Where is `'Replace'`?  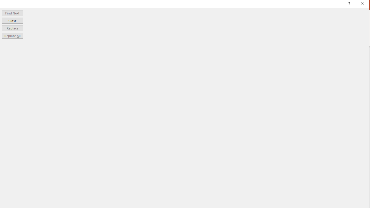
'Replace' is located at coordinates (12, 28).